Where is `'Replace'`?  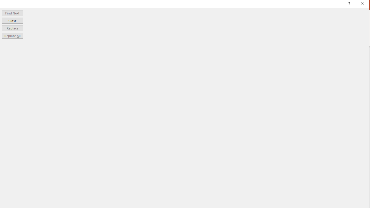
'Replace' is located at coordinates (12, 28).